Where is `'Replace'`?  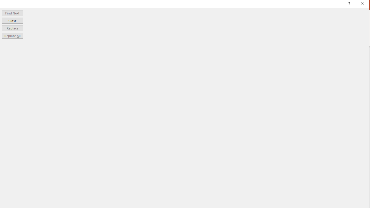
'Replace' is located at coordinates (12, 28).